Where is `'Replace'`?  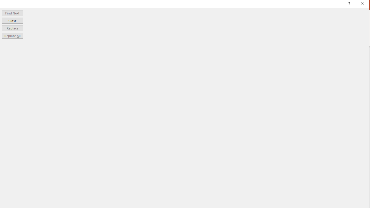
'Replace' is located at coordinates (12, 28).